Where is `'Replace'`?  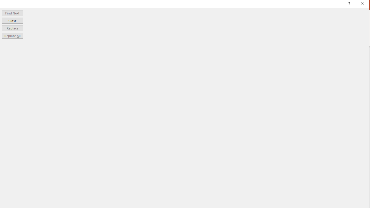
'Replace' is located at coordinates (12, 28).